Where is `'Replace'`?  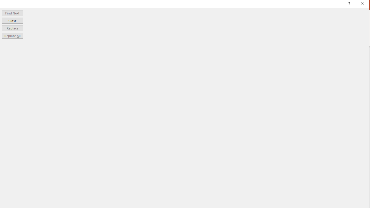
'Replace' is located at coordinates (12, 28).